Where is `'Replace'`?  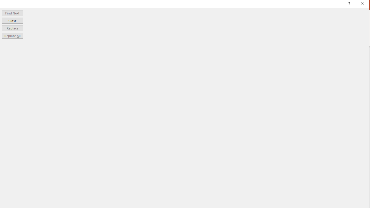
'Replace' is located at coordinates (12, 28).